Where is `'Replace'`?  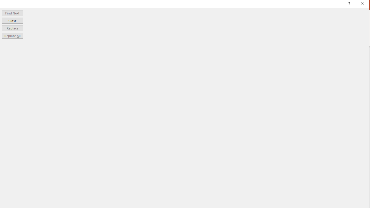
'Replace' is located at coordinates (12, 28).